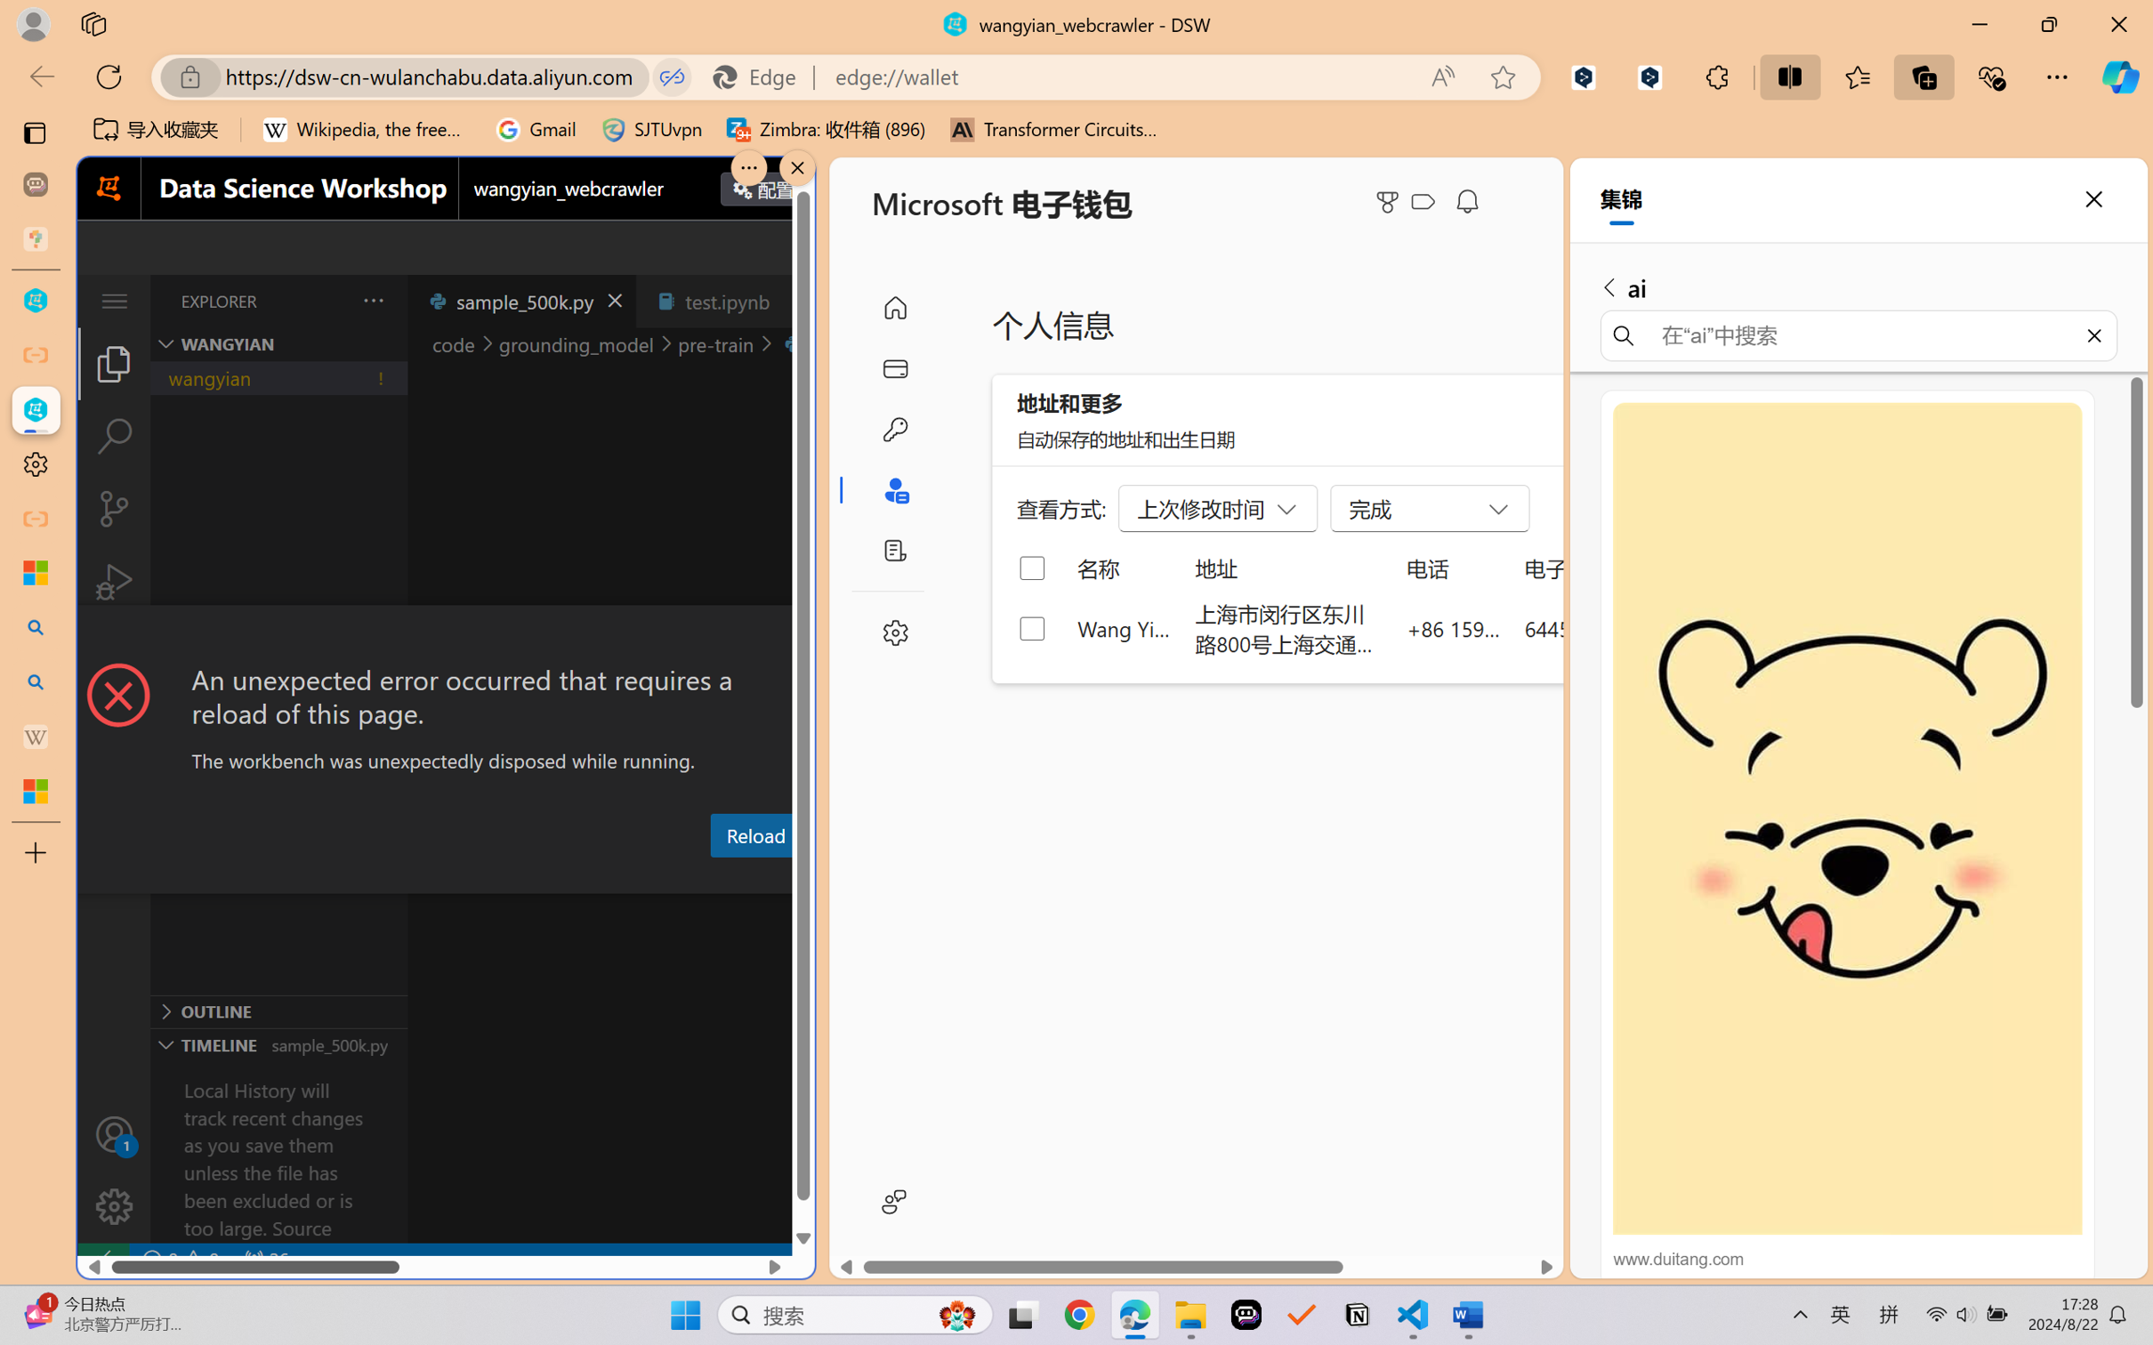  Describe the element at coordinates (754, 834) in the screenshot. I see `'Reload'` at that location.